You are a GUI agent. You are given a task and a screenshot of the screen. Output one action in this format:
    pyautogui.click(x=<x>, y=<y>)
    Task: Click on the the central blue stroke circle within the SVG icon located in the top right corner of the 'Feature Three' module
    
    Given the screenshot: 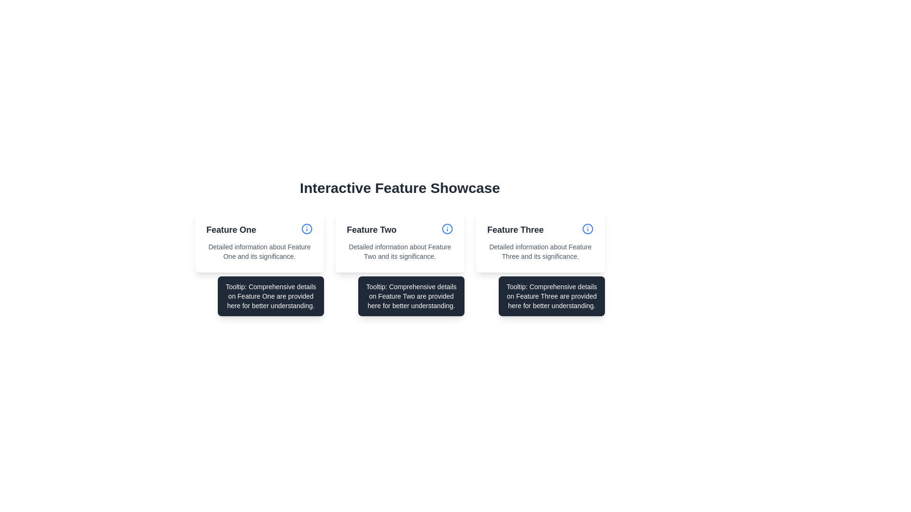 What is the action you would take?
    pyautogui.click(x=587, y=229)
    